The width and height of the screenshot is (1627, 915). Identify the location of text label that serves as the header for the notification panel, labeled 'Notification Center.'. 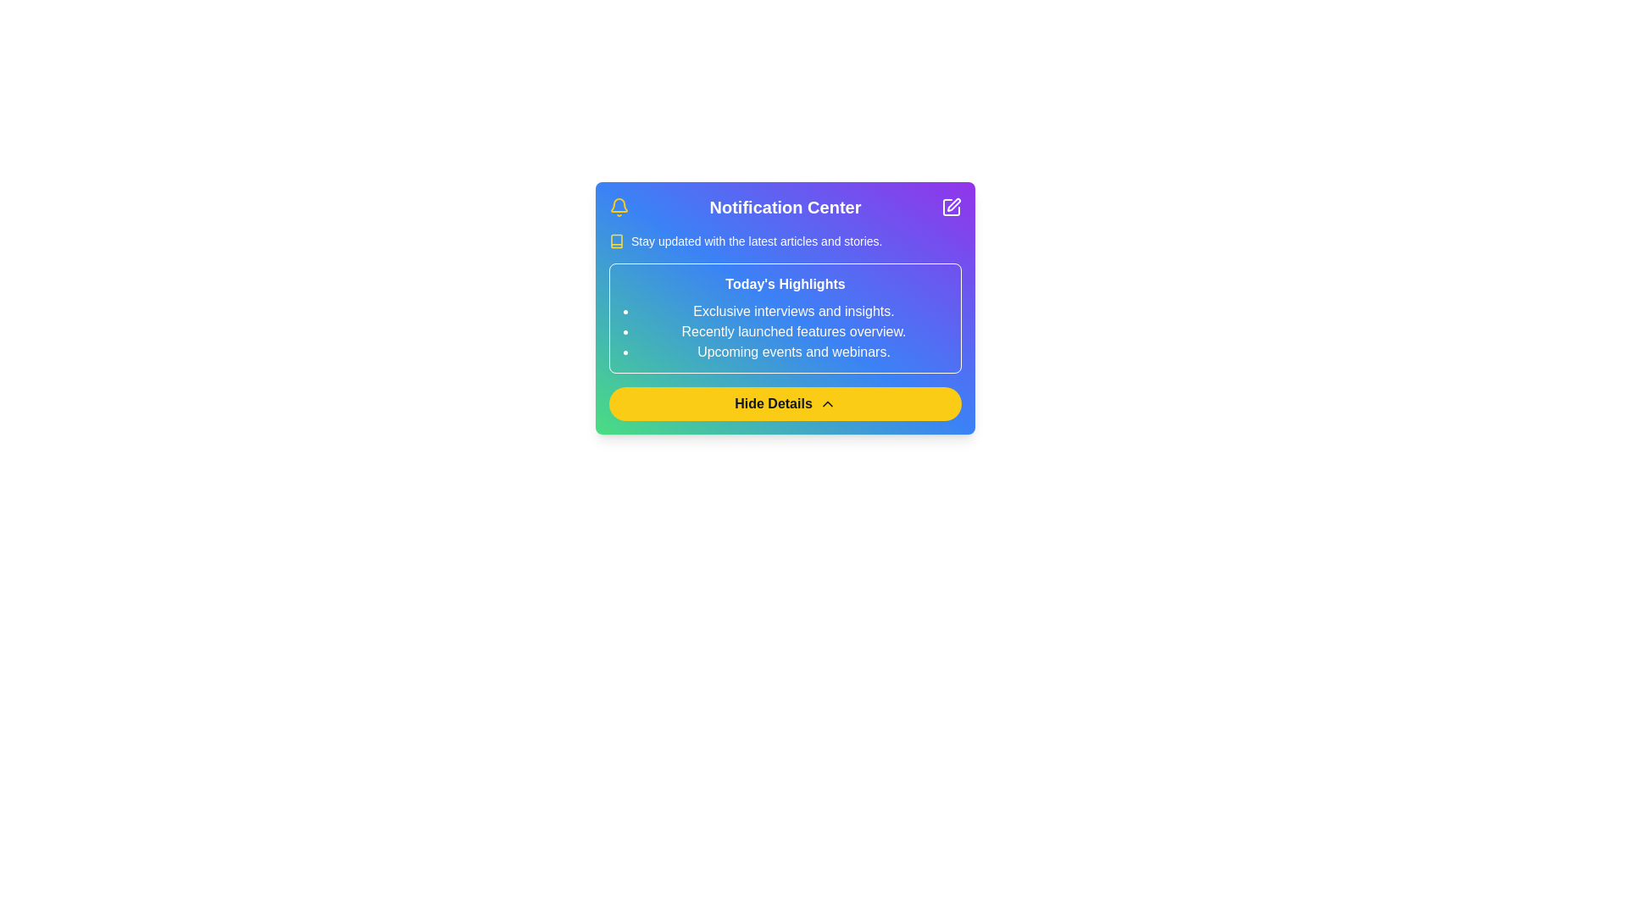
(784, 207).